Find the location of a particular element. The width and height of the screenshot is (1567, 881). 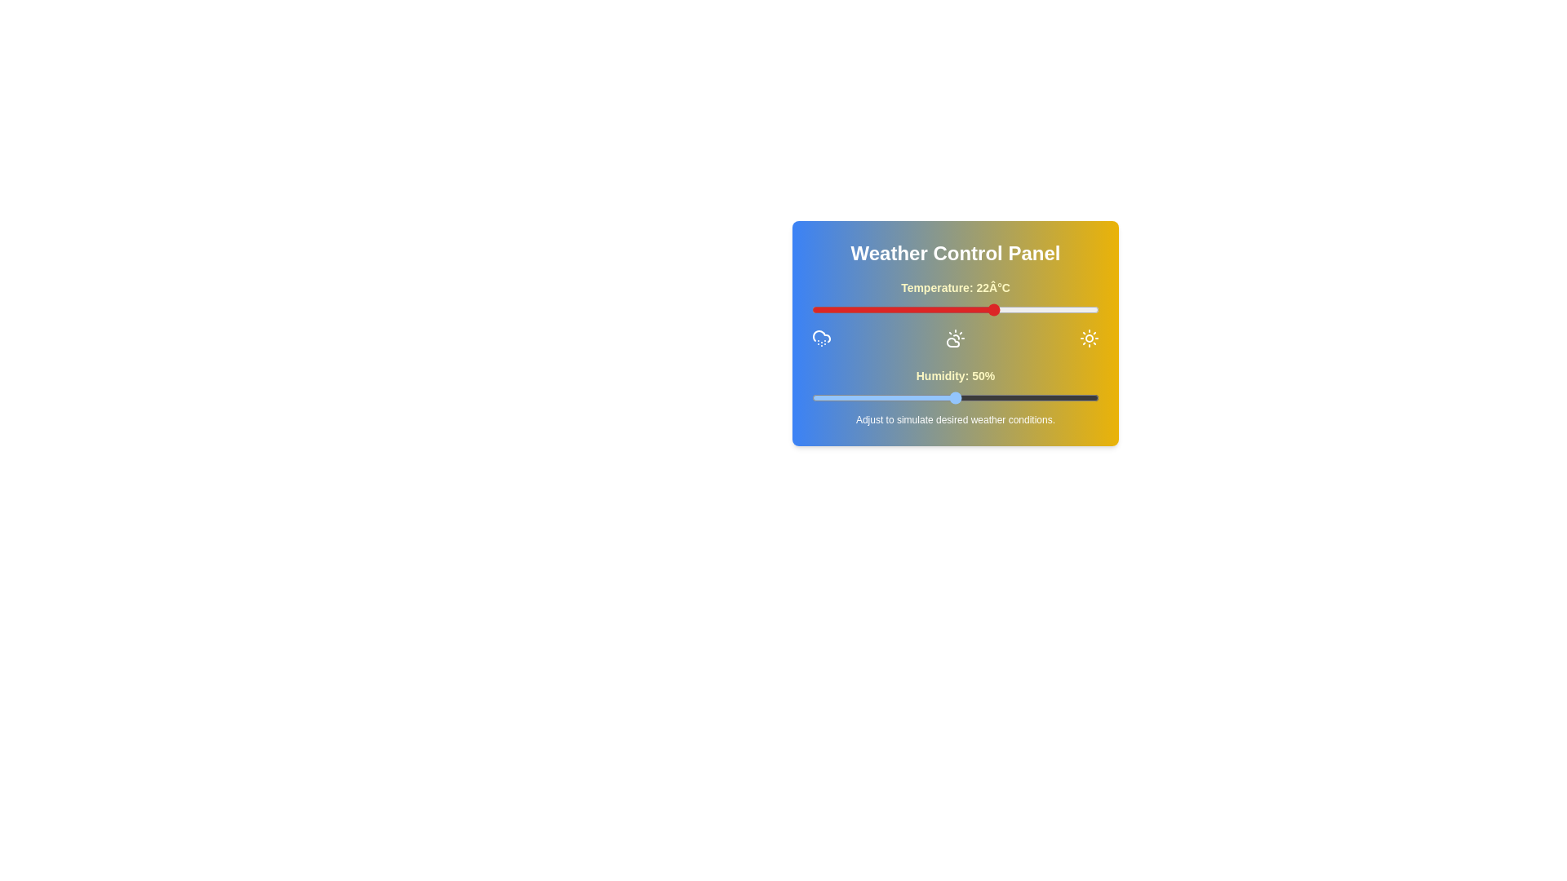

the temperature is located at coordinates (851, 310).